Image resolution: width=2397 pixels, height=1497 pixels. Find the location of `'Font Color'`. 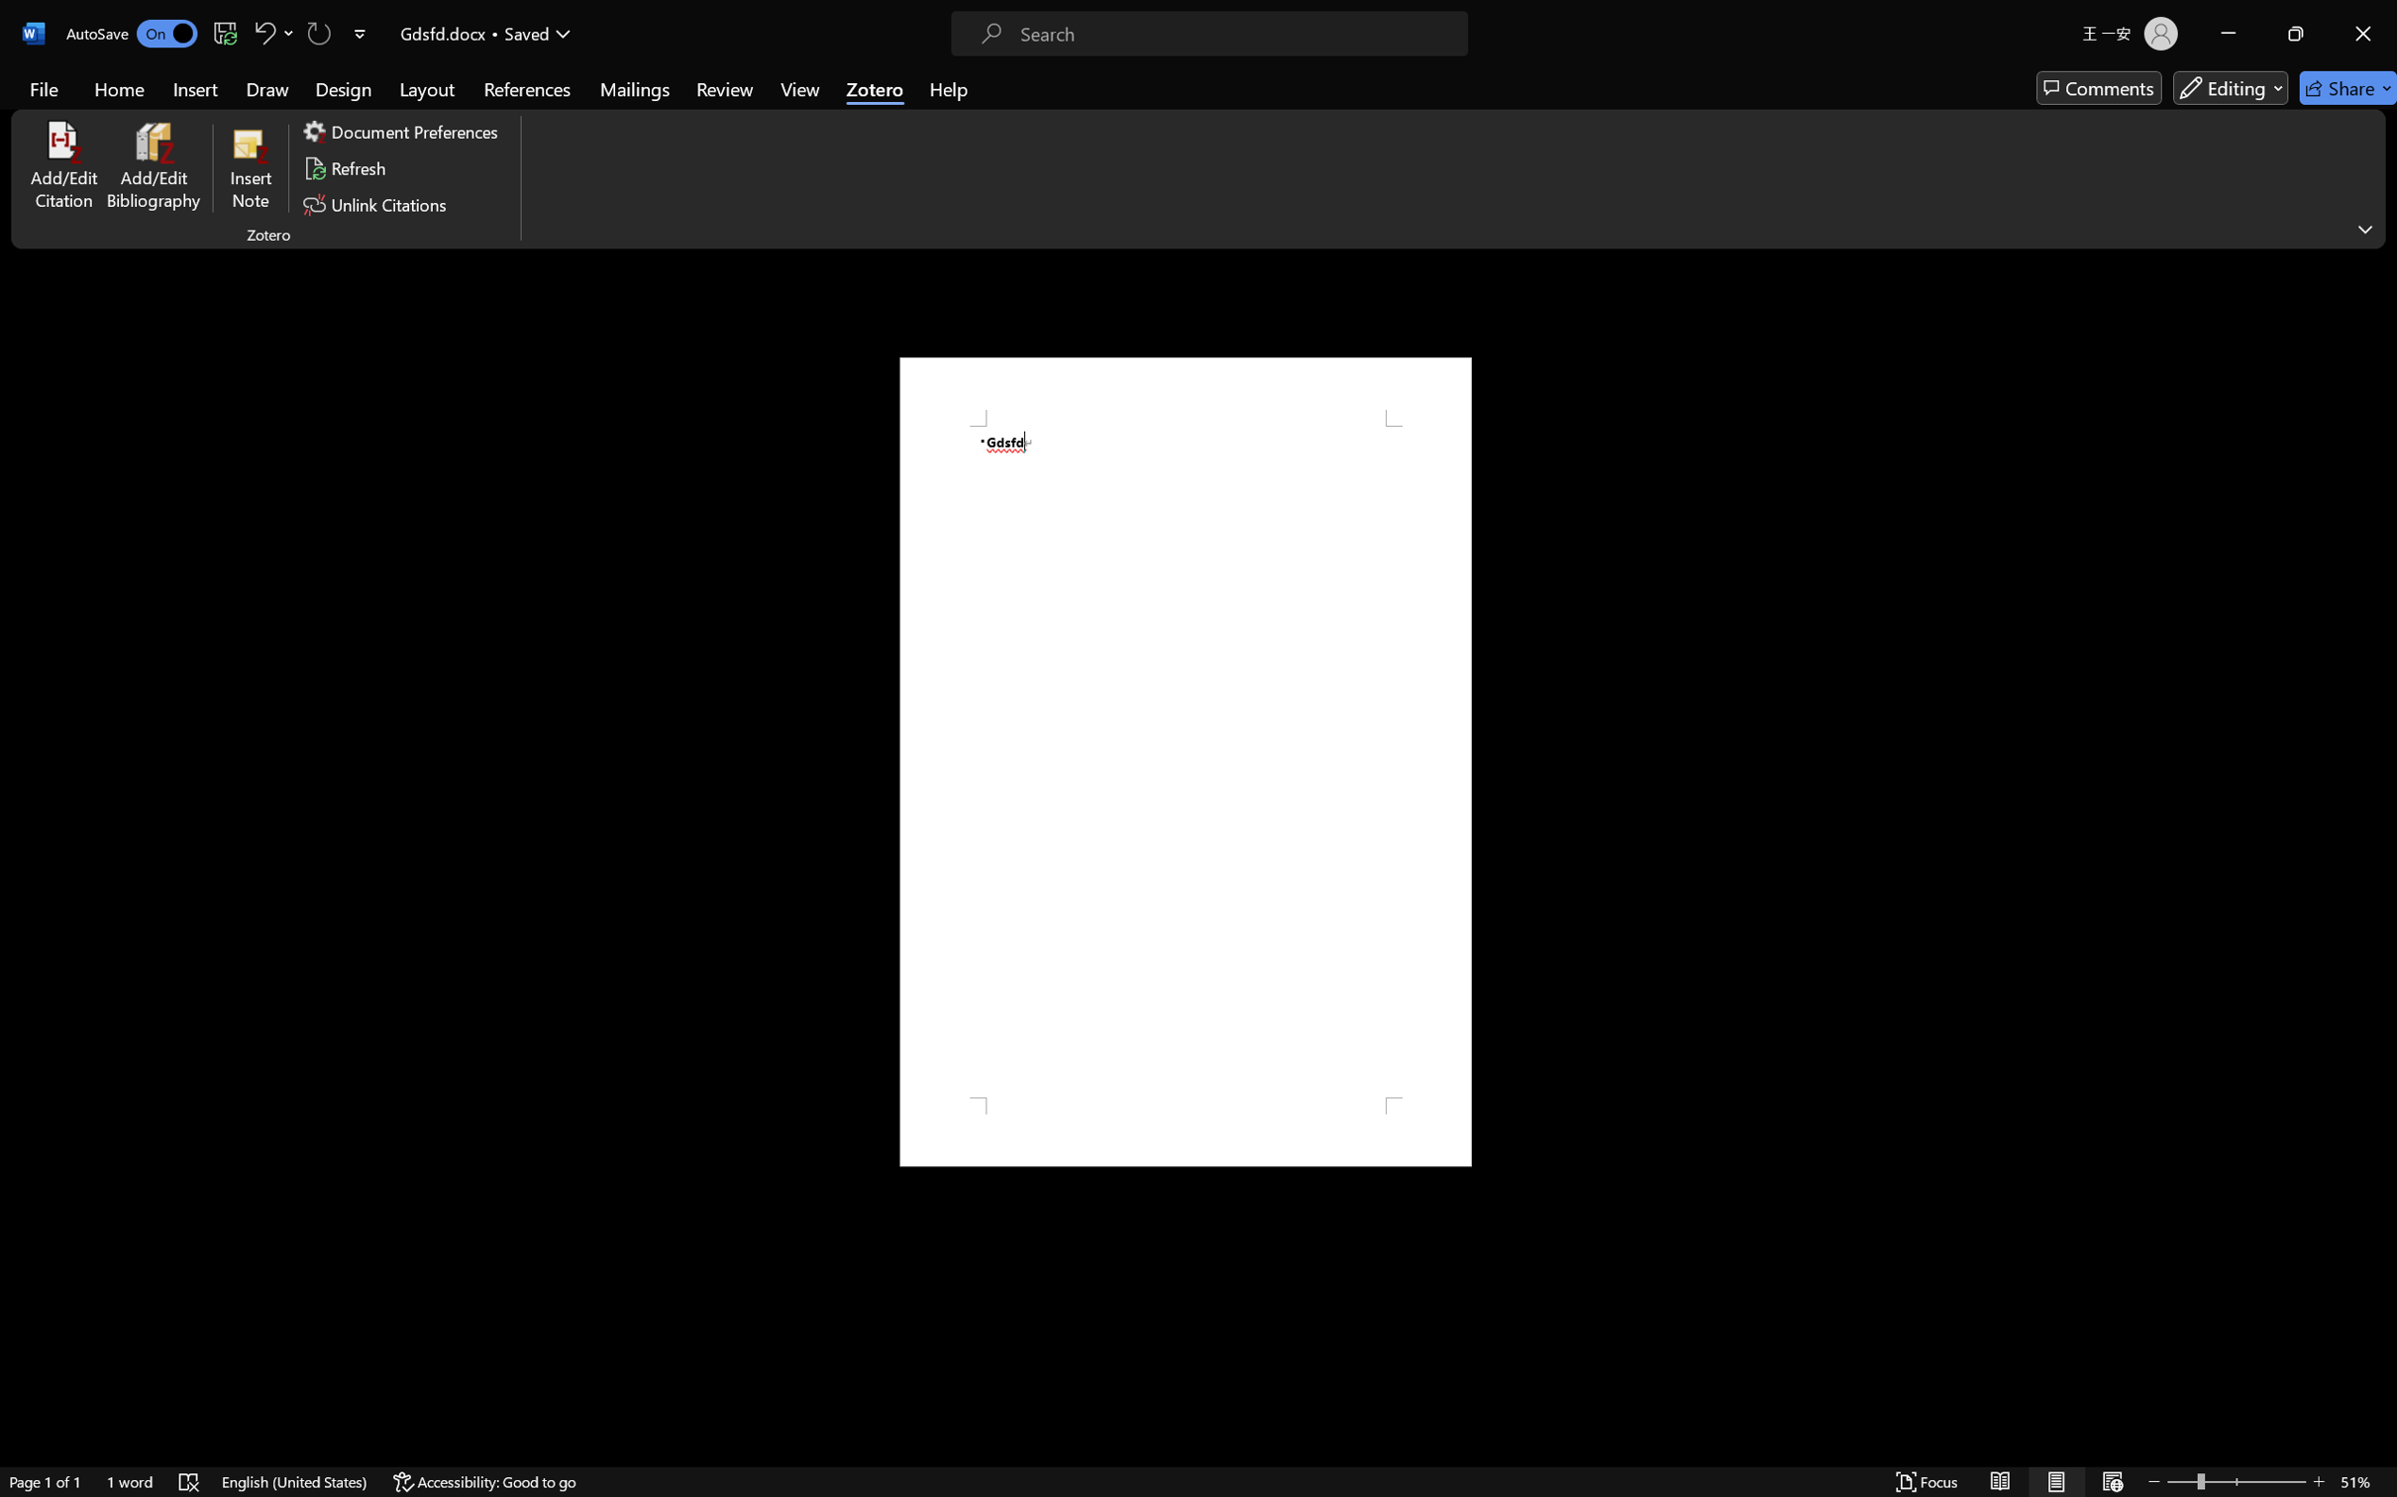

'Font Color' is located at coordinates (534, 123).